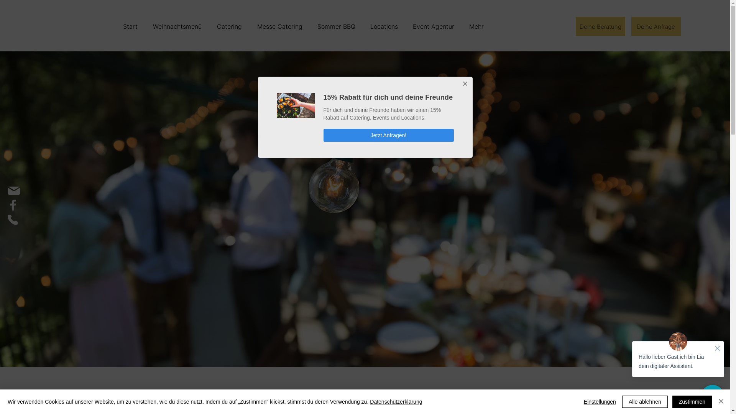 This screenshot has height=414, width=736. Describe the element at coordinates (644, 401) in the screenshot. I see `'Alle ablehnen'` at that location.